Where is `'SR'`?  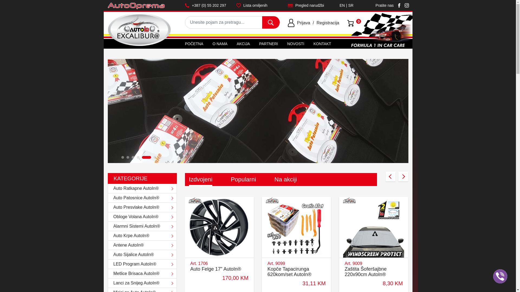
'SR' is located at coordinates (351, 7).